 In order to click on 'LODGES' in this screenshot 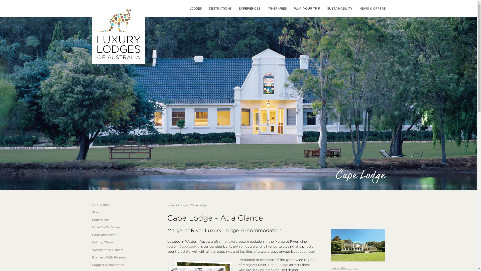, I will do `click(195, 9)`.